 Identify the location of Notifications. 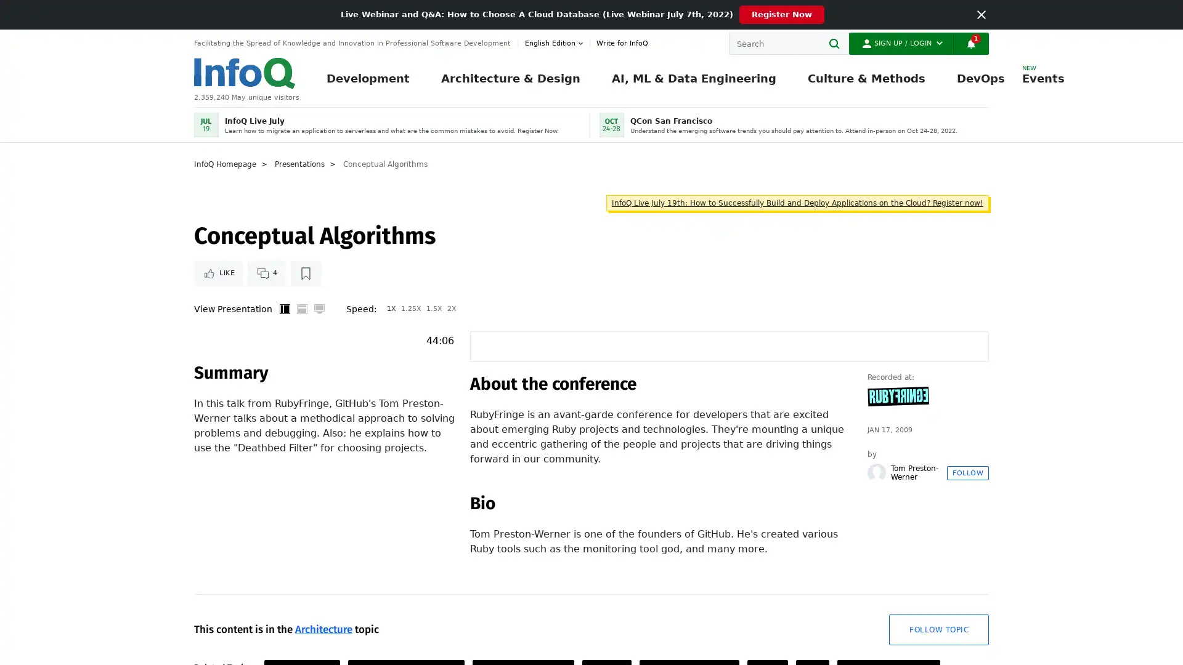
(970, 42).